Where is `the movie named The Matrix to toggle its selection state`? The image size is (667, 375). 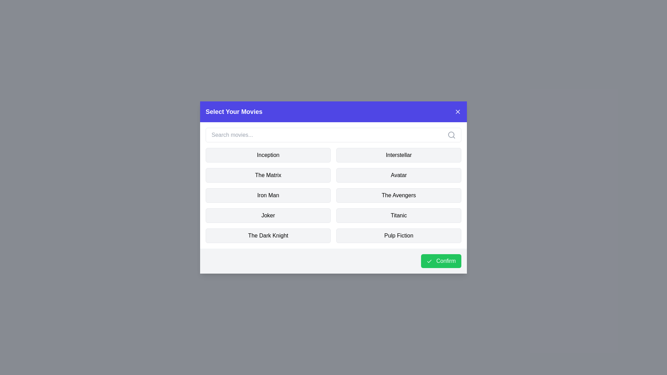 the movie named The Matrix to toggle its selection state is located at coordinates (268, 175).